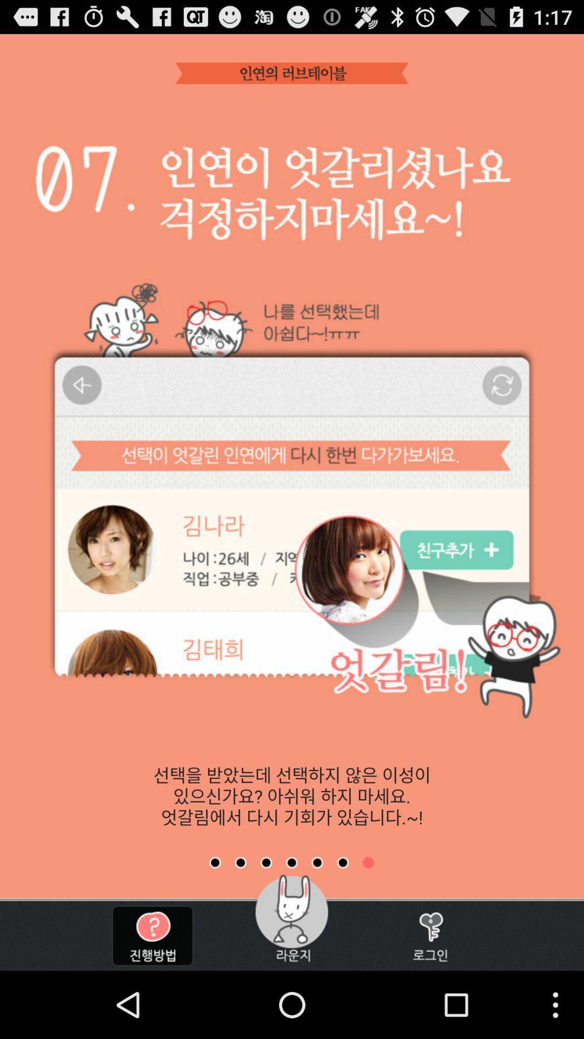 This screenshot has width=584, height=1039. What do you see at coordinates (152, 935) in the screenshot?
I see `button at the bottom left corner` at bounding box center [152, 935].